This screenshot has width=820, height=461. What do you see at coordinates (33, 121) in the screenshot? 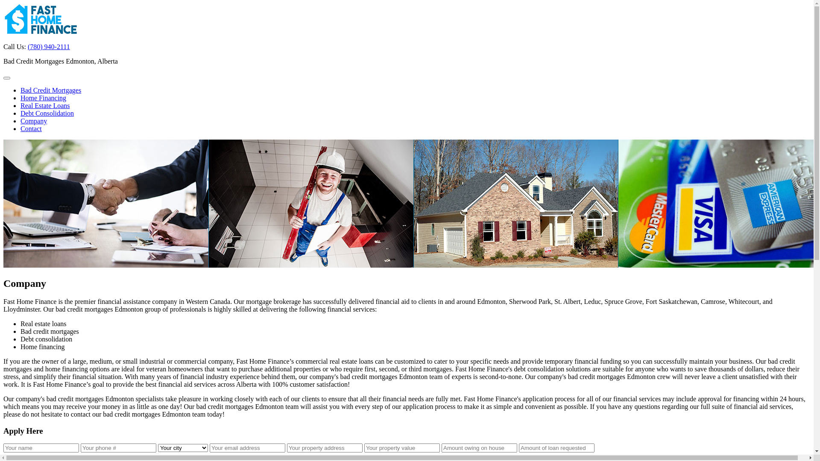
I see `'Company'` at bounding box center [33, 121].